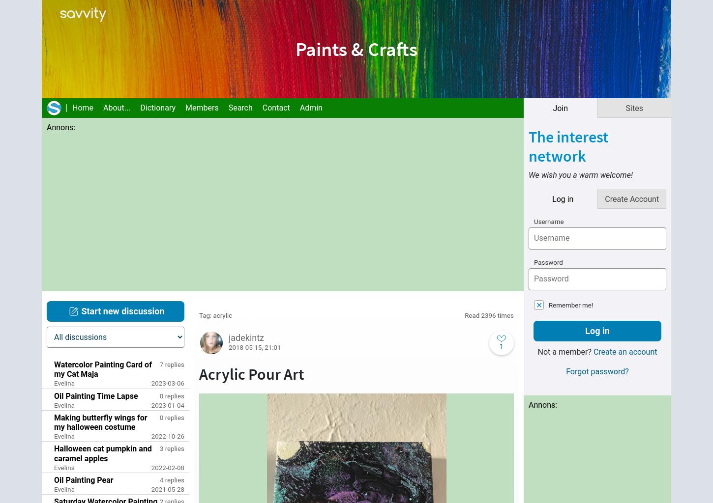 This screenshot has width=713, height=503. What do you see at coordinates (201, 107) in the screenshot?
I see `'Members'` at bounding box center [201, 107].